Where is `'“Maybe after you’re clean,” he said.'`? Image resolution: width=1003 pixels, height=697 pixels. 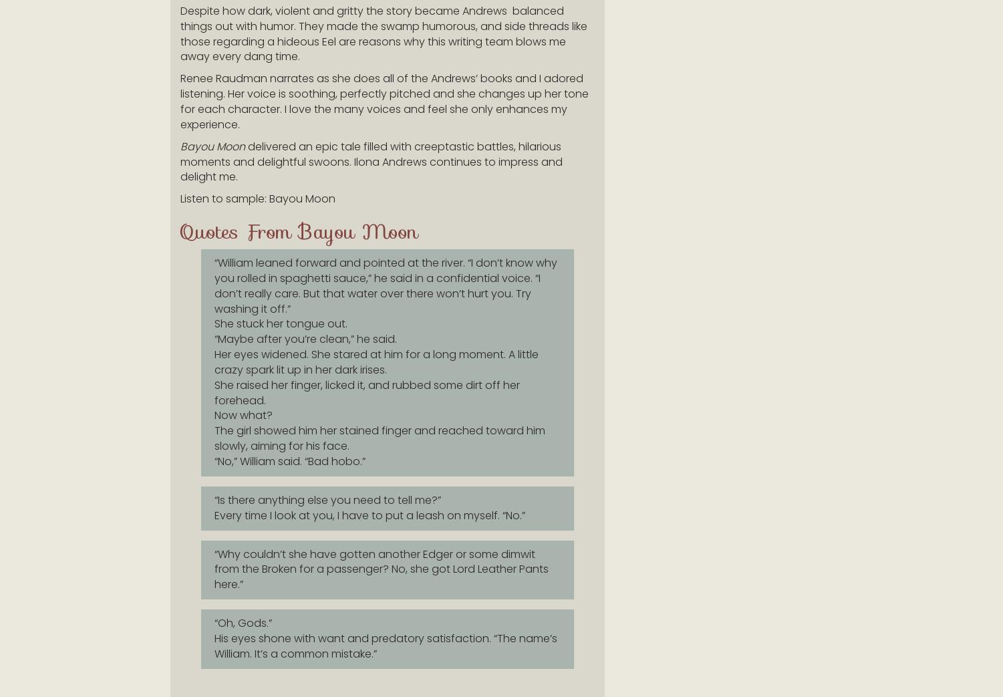 '“Maybe after you’re clean,” he said.' is located at coordinates (305, 338).